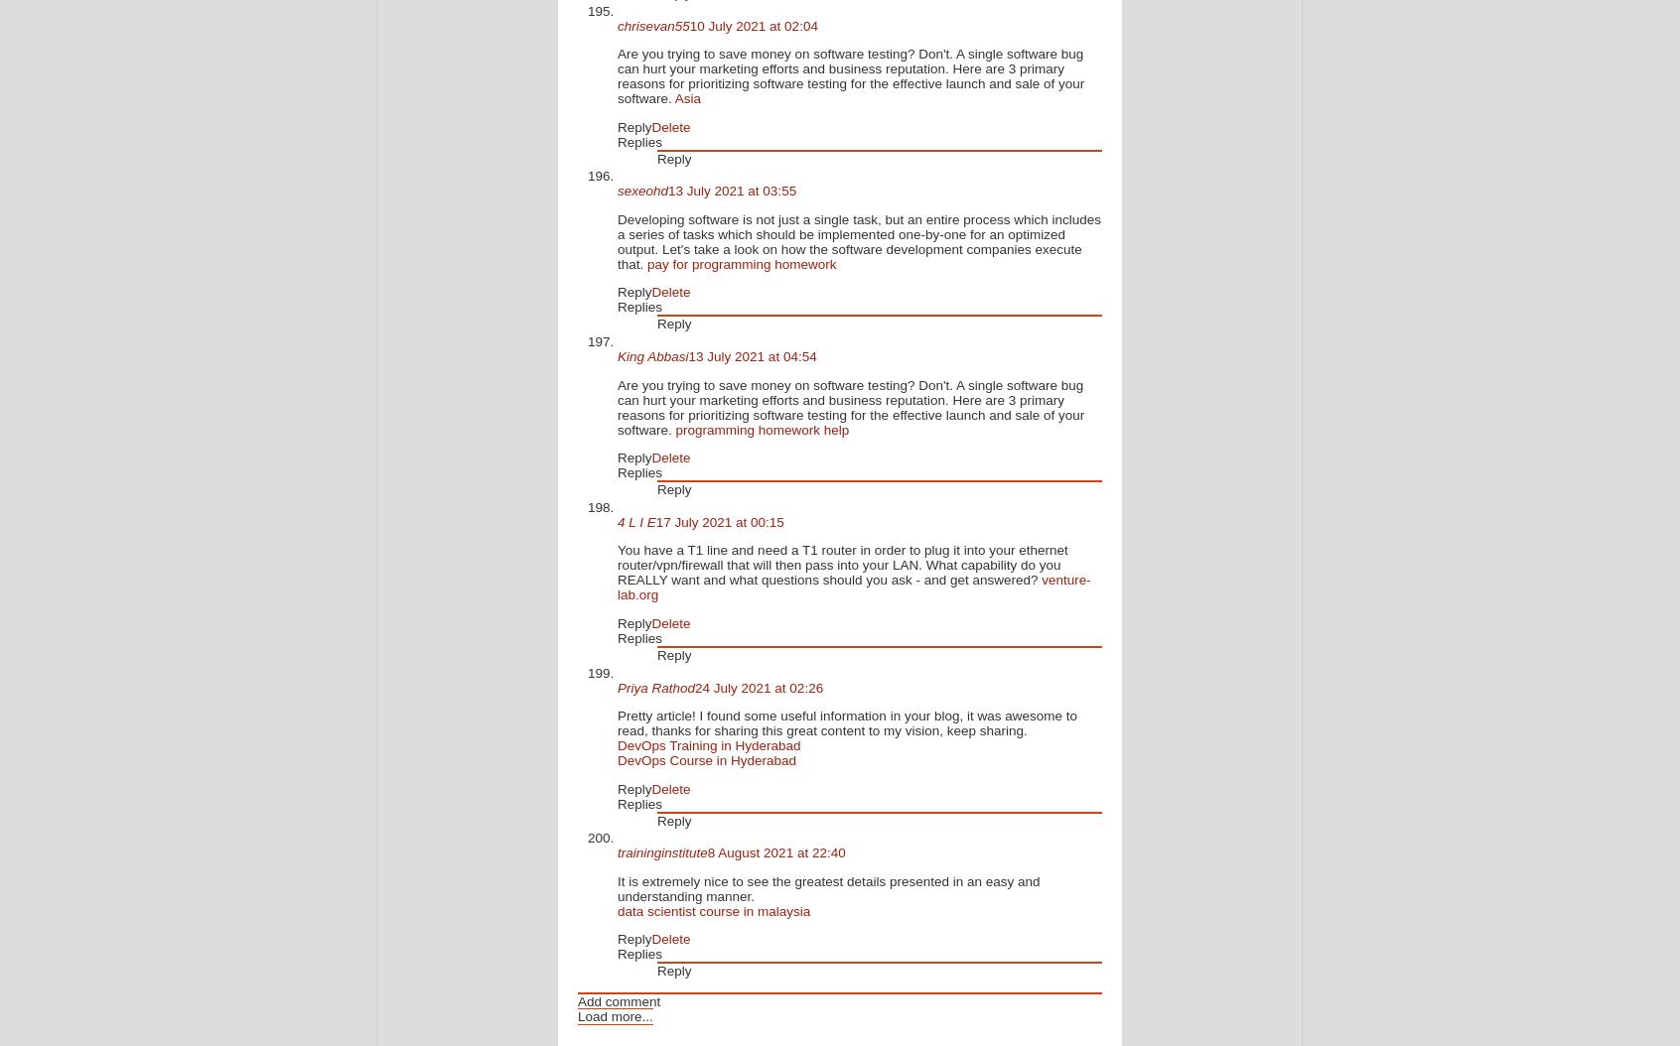 Image resolution: width=1680 pixels, height=1046 pixels. What do you see at coordinates (616, 565) in the screenshot?
I see `'You have a T1 line and need a T1 router in order to plug it into your ethernet router/vpn/firewall that will then pass into your LAN. What capability do you REALLY want and what questions should you ask - and get answered?'` at bounding box center [616, 565].